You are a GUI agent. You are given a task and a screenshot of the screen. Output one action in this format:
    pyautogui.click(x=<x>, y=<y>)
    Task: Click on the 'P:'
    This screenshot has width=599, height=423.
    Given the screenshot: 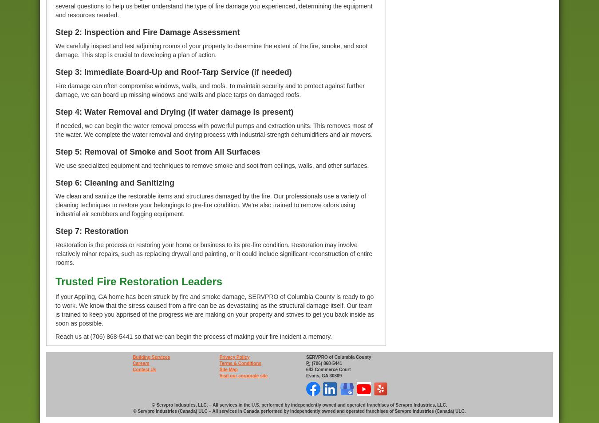 What is the action you would take?
    pyautogui.click(x=307, y=363)
    